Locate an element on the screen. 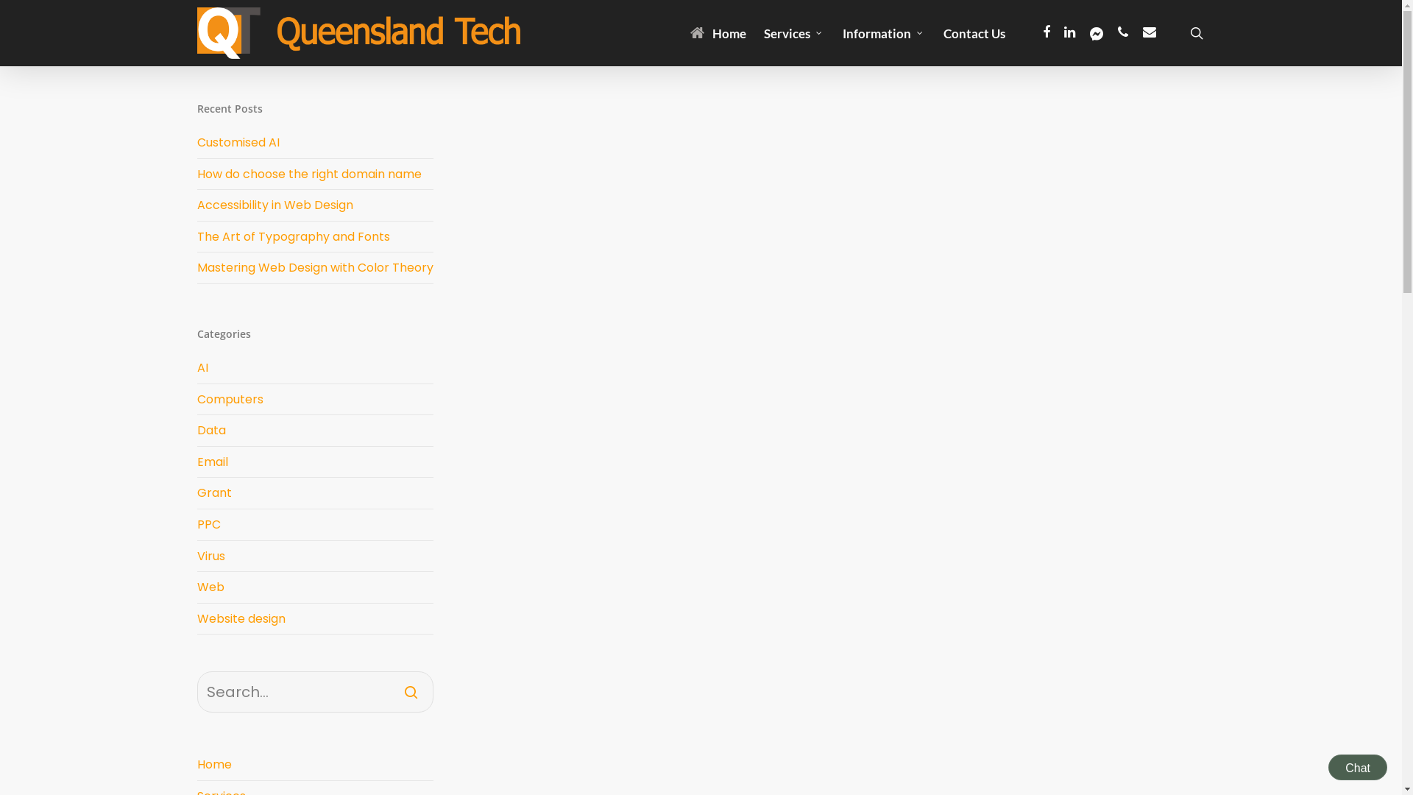 Image resolution: width=1413 pixels, height=795 pixels. 'Grant' is located at coordinates (196, 493).